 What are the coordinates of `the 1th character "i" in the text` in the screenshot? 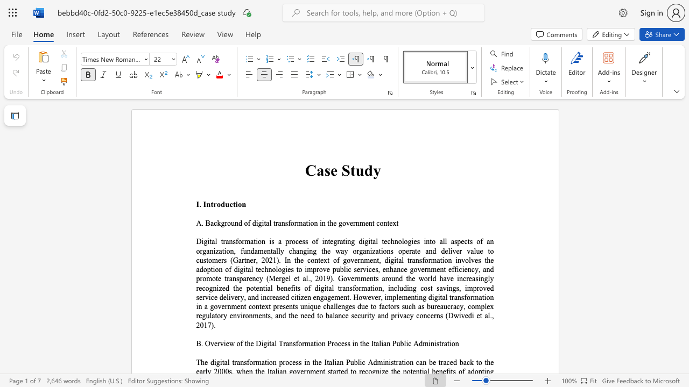 It's located at (236, 204).